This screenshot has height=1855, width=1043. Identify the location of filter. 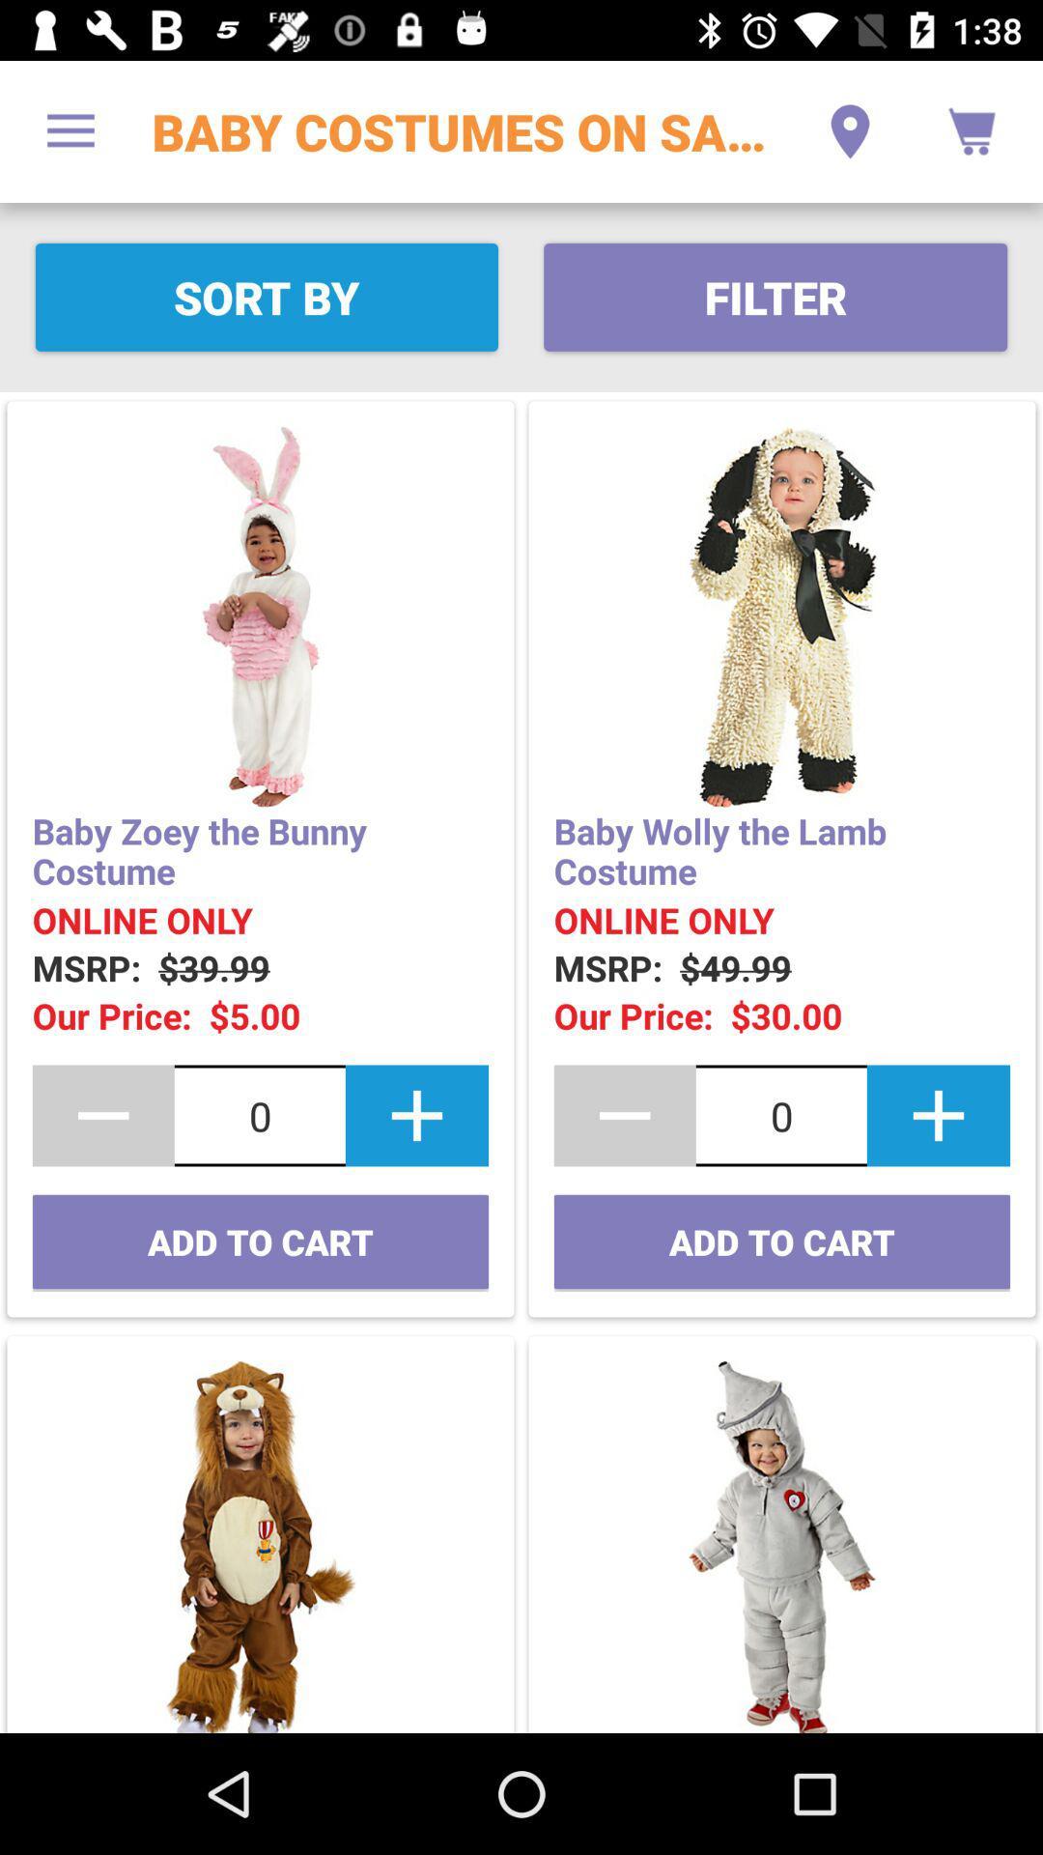
(775, 296).